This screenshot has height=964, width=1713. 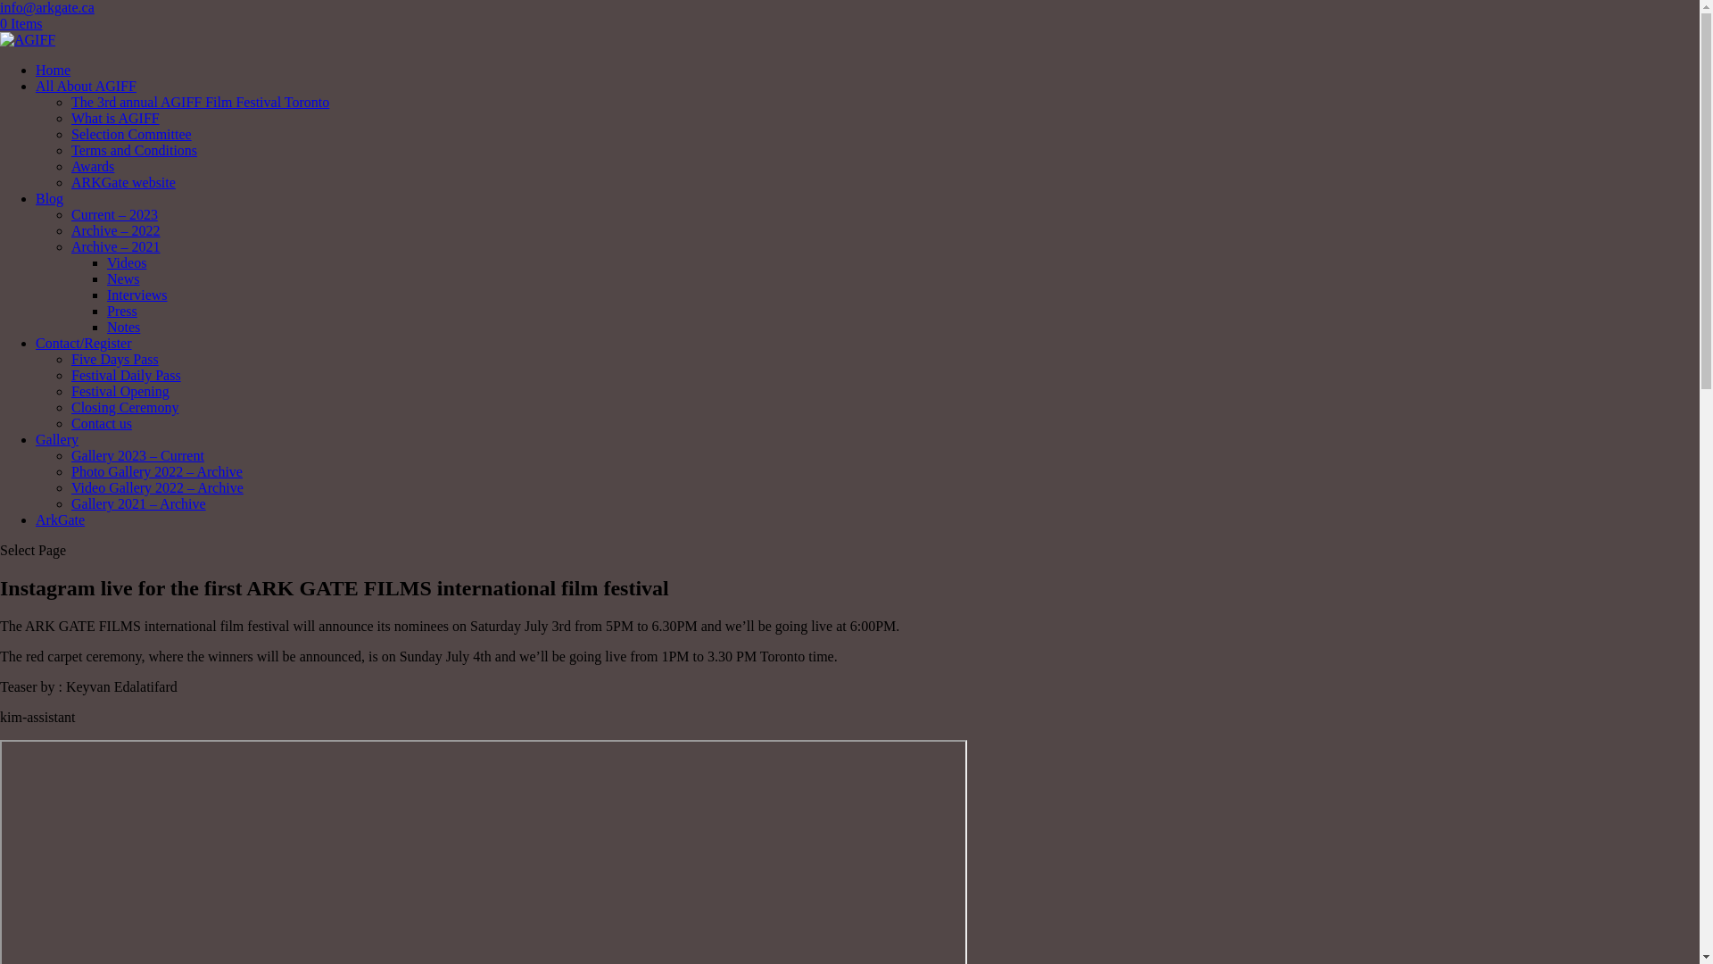 What do you see at coordinates (49, 198) in the screenshot?
I see `'Blog'` at bounding box center [49, 198].